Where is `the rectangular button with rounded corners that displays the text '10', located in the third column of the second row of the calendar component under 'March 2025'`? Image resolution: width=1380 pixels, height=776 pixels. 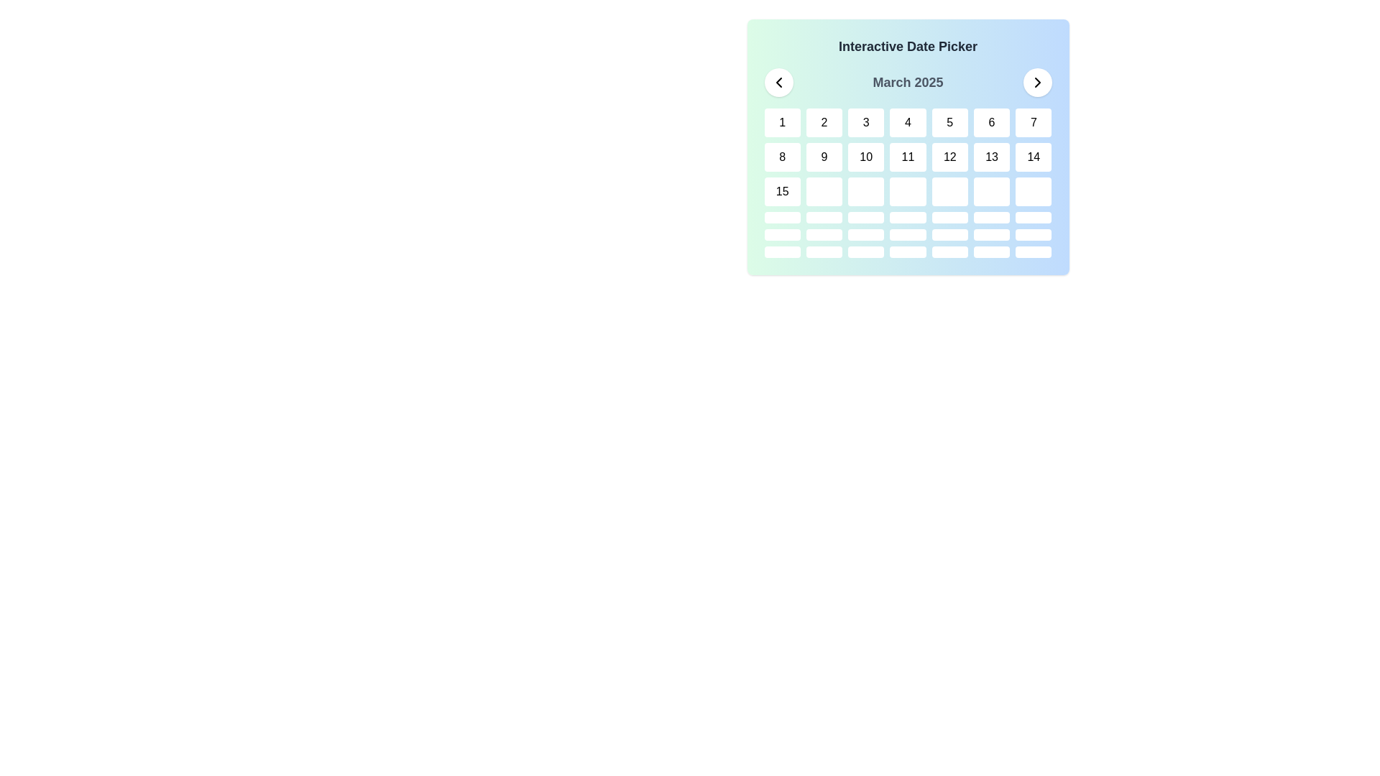 the rectangular button with rounded corners that displays the text '10', located in the third column of the second row of the calendar component under 'March 2025' is located at coordinates (865, 157).